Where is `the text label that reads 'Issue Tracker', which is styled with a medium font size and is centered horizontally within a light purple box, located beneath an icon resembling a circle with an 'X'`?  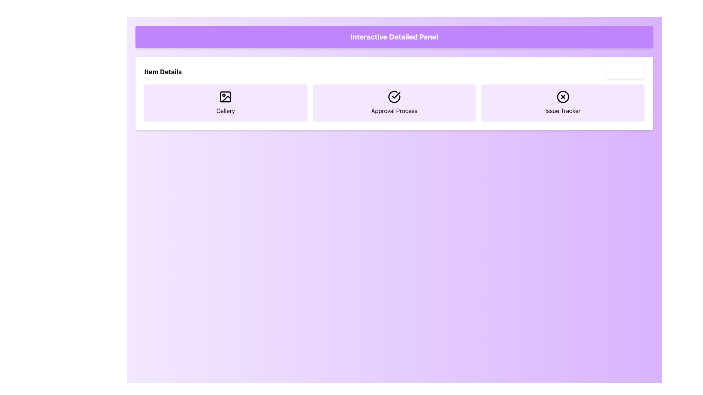 the text label that reads 'Issue Tracker', which is styled with a medium font size and is centered horizontally within a light purple box, located beneath an icon resembling a circle with an 'X' is located at coordinates (562, 111).